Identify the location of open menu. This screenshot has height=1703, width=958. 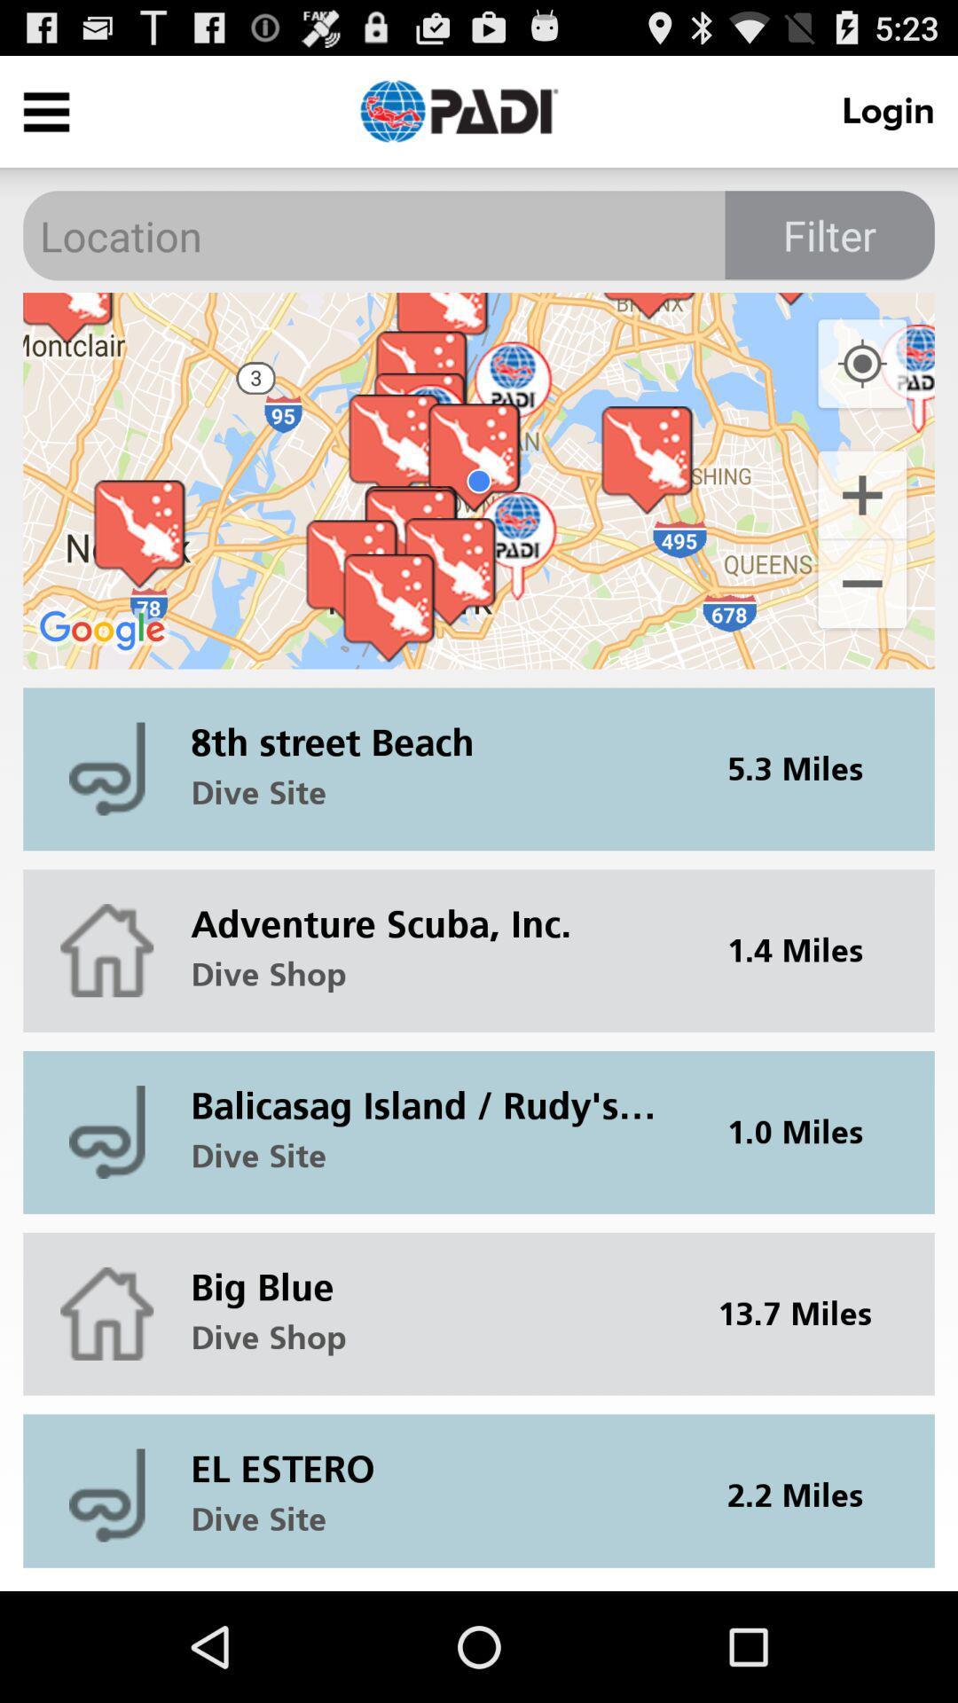
(45, 110).